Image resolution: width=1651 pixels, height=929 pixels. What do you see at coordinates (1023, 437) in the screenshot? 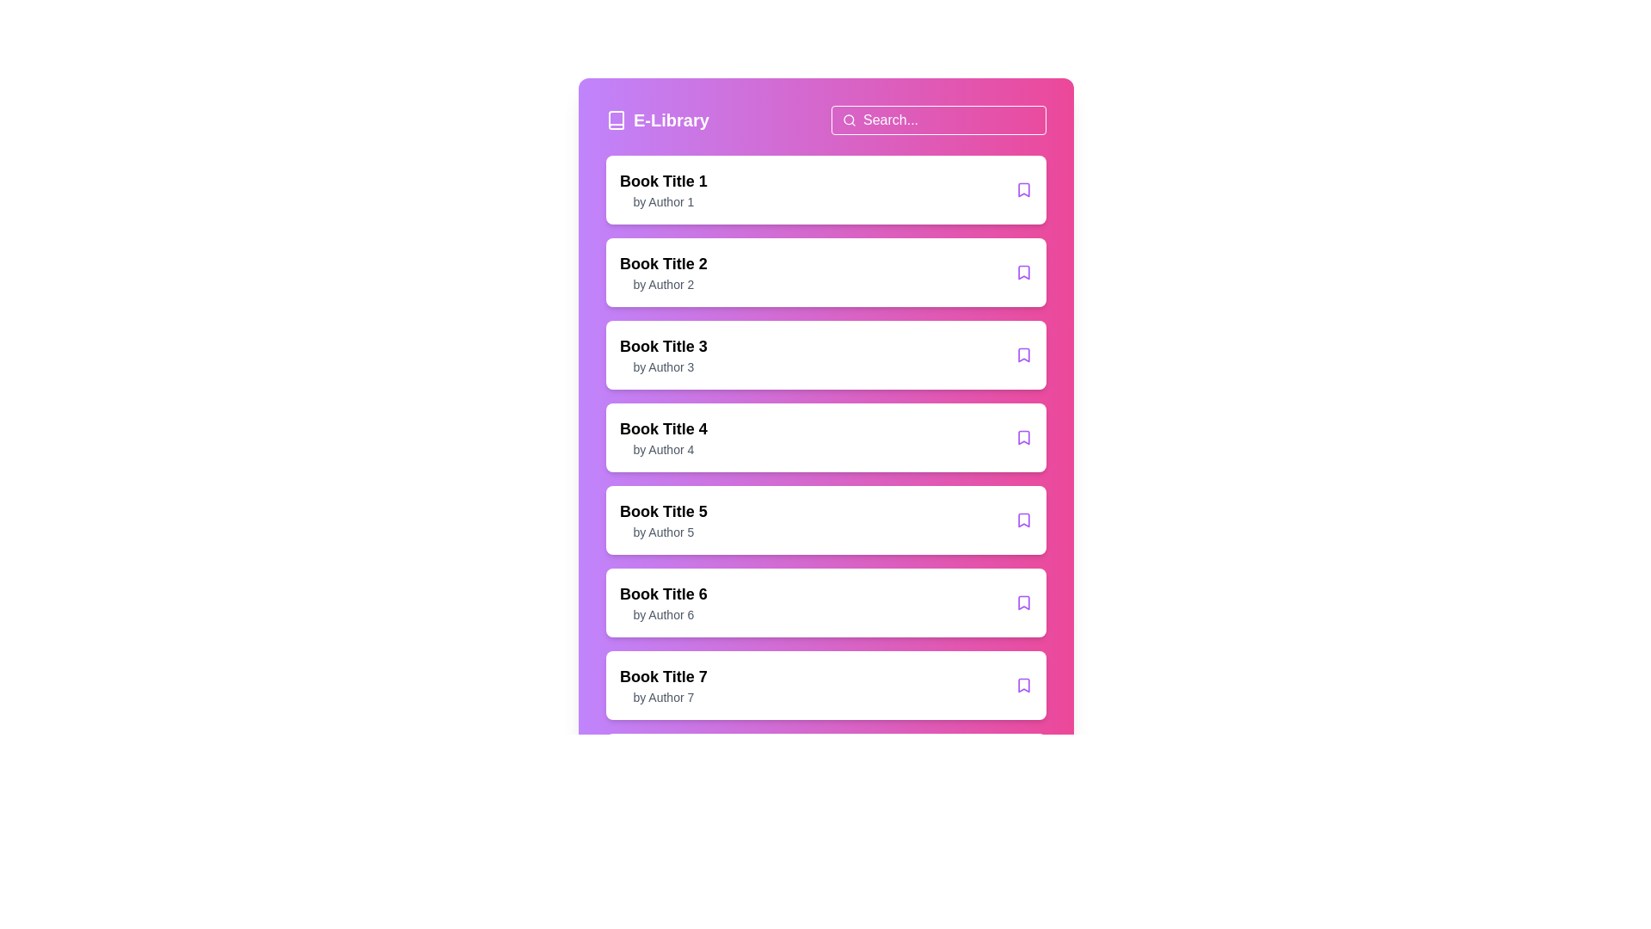
I see `the purple bookmark outline icon located at the top-right corner of the 'Book Title 4 by Author 4' card in the library application` at bounding box center [1023, 437].